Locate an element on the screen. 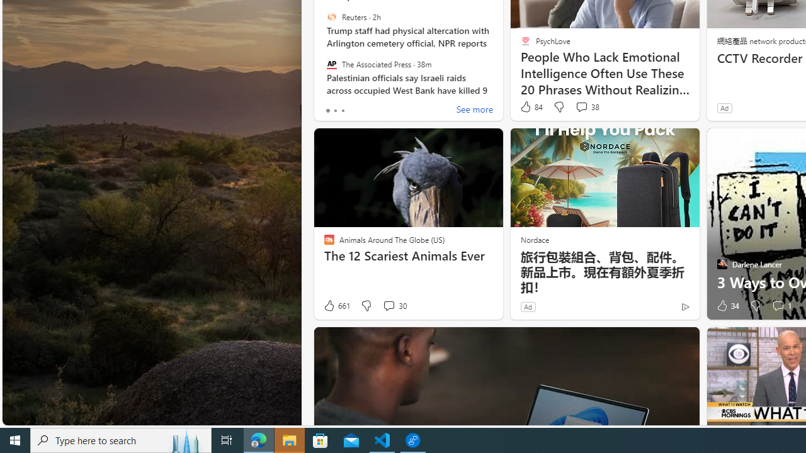 This screenshot has width=806, height=453. 'Nordace' is located at coordinates (534, 239).